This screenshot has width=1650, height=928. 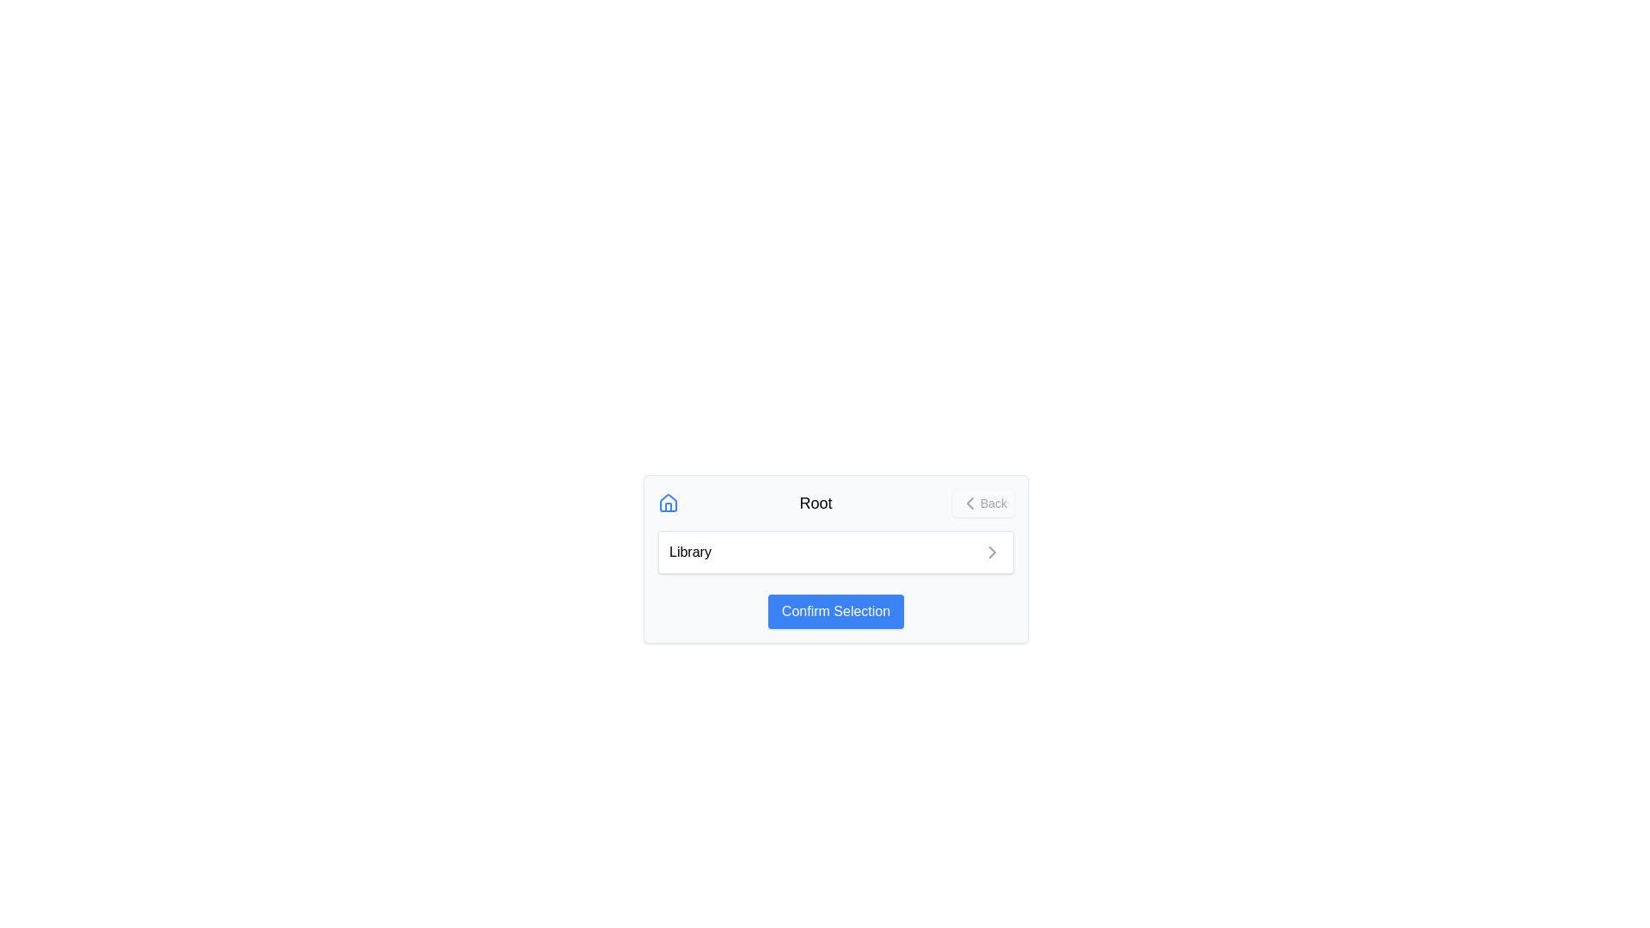 I want to click on the small triangular-shaped arrow icon located next to the 'Library' label in the bottom central part of the display, so click(x=993, y=553).